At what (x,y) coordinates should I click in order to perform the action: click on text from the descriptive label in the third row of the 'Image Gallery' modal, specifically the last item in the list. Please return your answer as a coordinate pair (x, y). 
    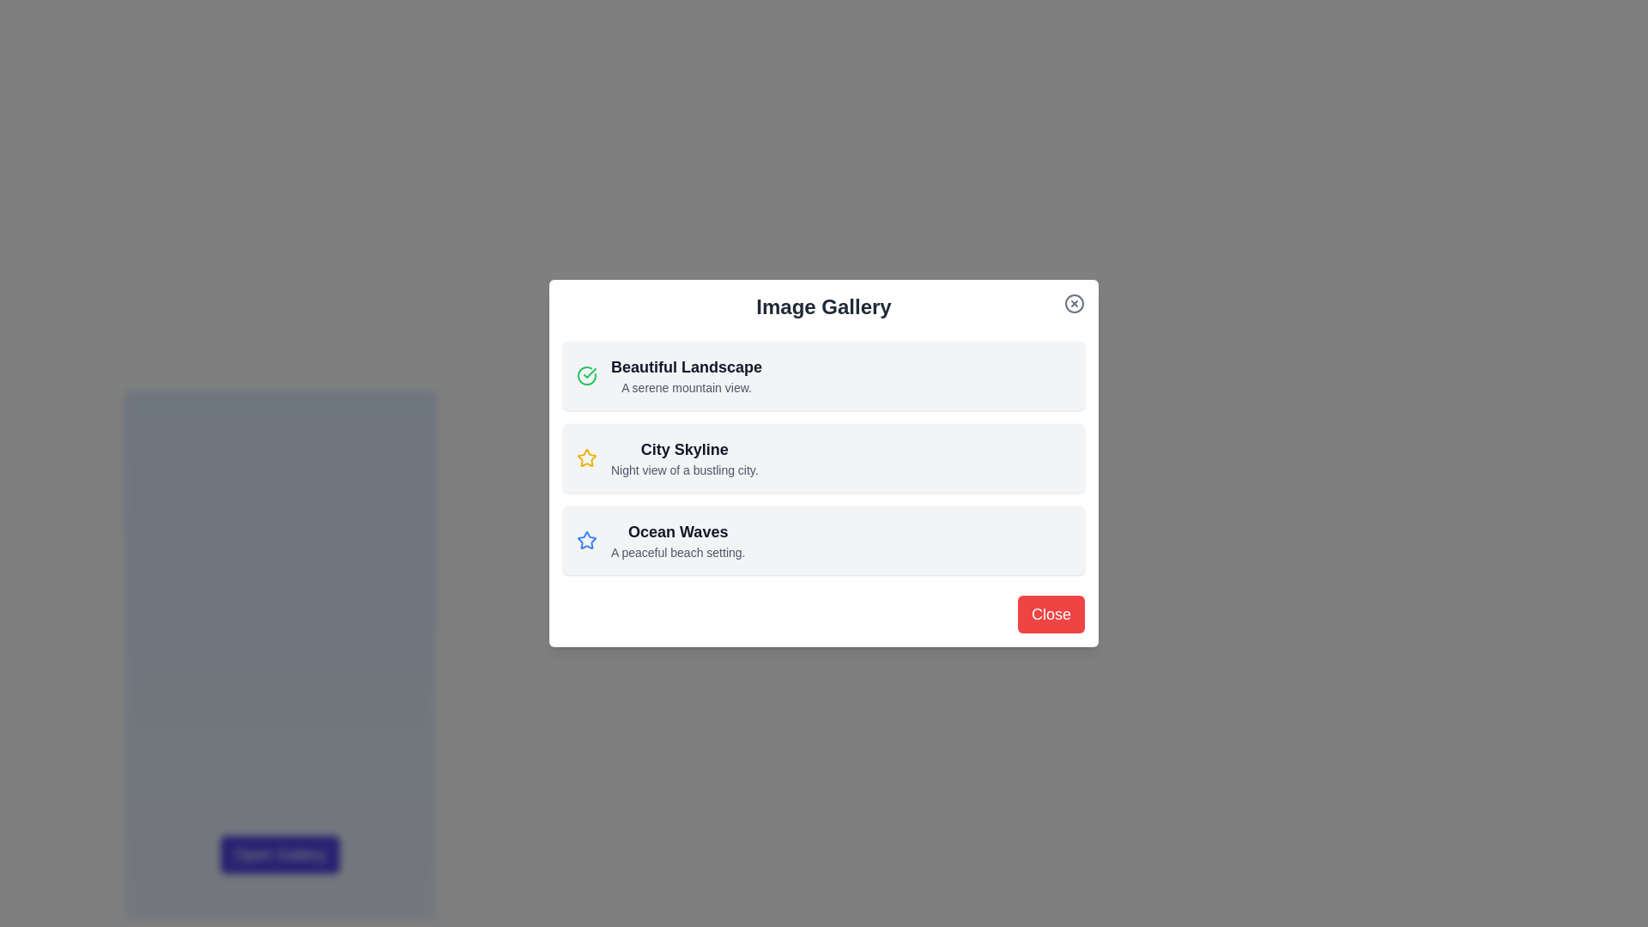
    Looking at the image, I should click on (677, 539).